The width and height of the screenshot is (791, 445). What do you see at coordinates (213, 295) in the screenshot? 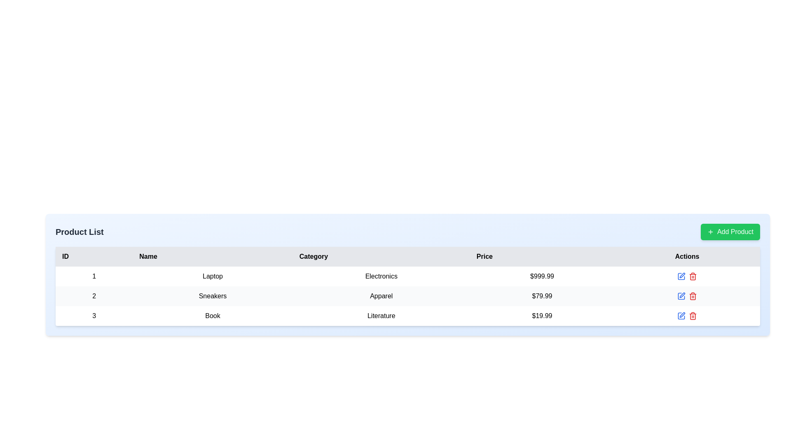
I see `the product name label located in the second row of the table under the 'Name' column` at bounding box center [213, 295].